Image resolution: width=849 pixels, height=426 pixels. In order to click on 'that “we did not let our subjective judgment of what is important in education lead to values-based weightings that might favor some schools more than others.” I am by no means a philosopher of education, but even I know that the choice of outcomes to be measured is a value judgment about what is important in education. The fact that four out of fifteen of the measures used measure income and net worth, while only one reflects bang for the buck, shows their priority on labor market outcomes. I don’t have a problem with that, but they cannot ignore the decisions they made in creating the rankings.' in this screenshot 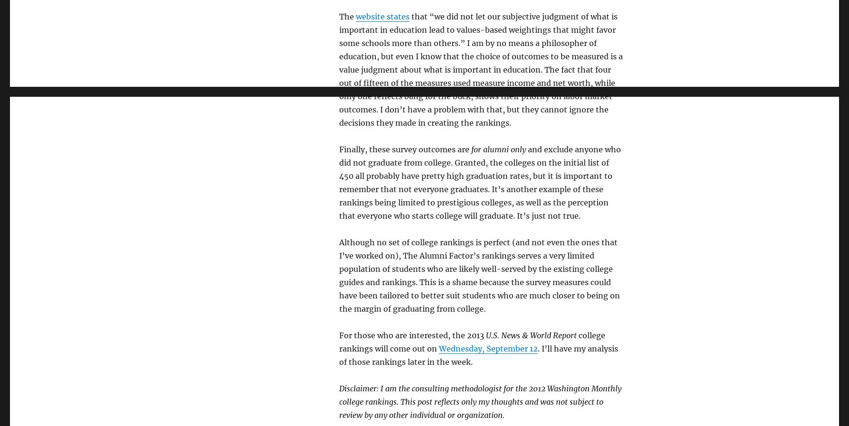, I will do `click(338, 69)`.